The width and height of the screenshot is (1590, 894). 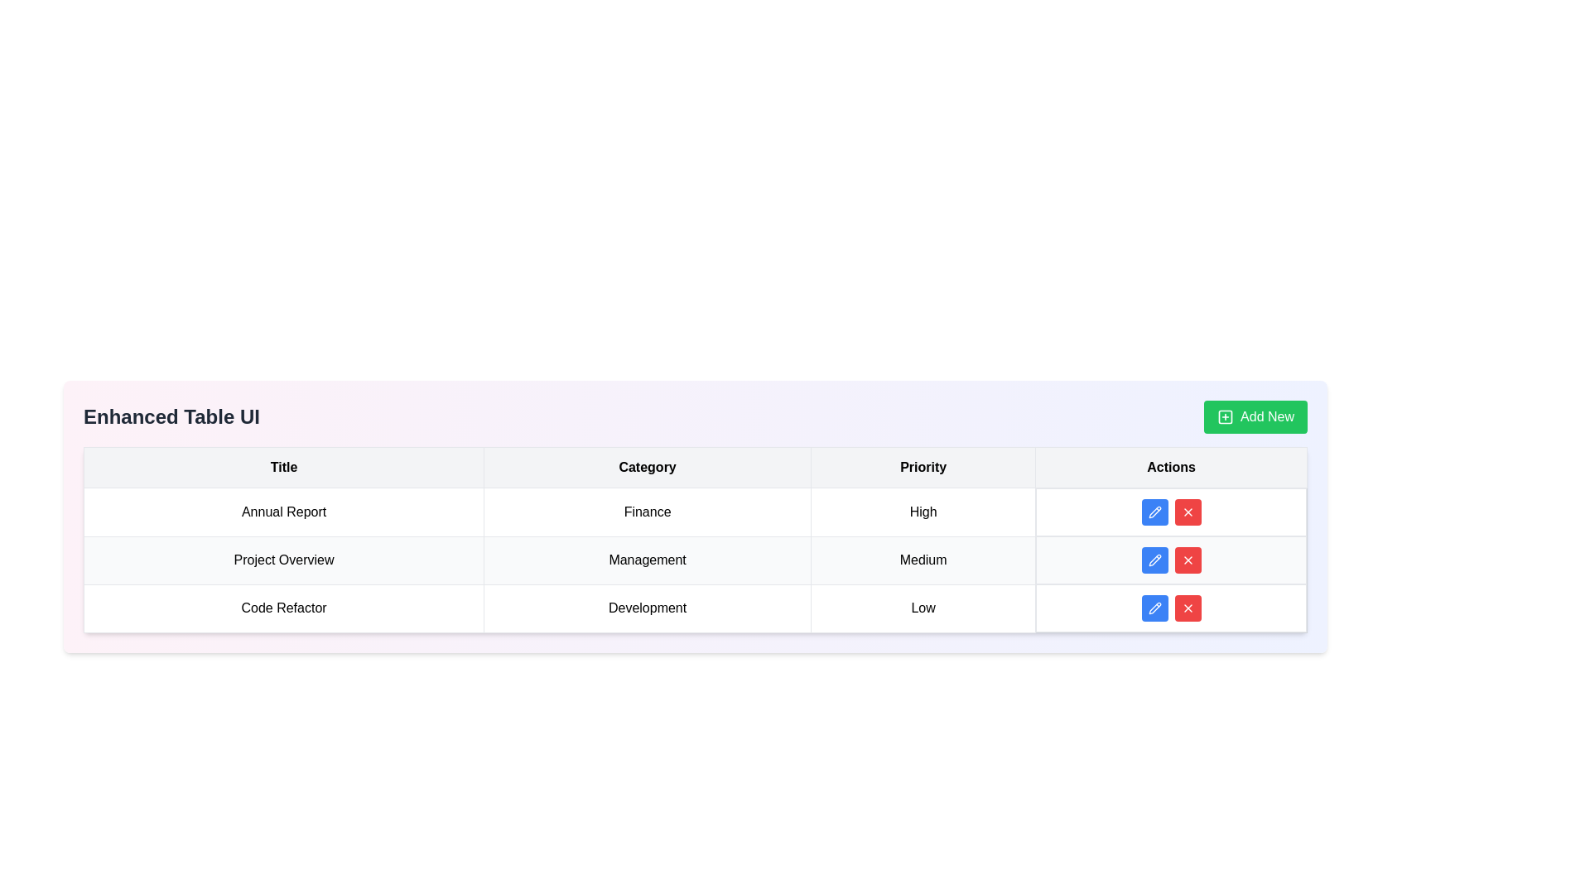 I want to click on the edit button in the 'Actions' column of the third row in the table, so click(x=1154, y=560).